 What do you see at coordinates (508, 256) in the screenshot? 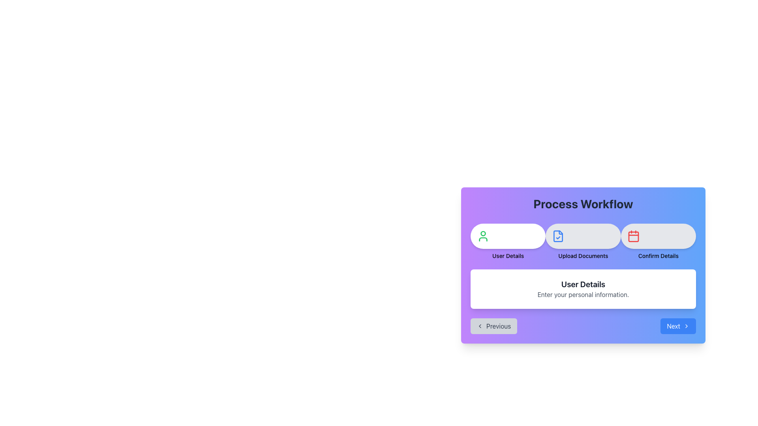
I see `the text label 'User Details' located in the first segment of the horizontal navigation bar beneath the user profile icon` at bounding box center [508, 256].